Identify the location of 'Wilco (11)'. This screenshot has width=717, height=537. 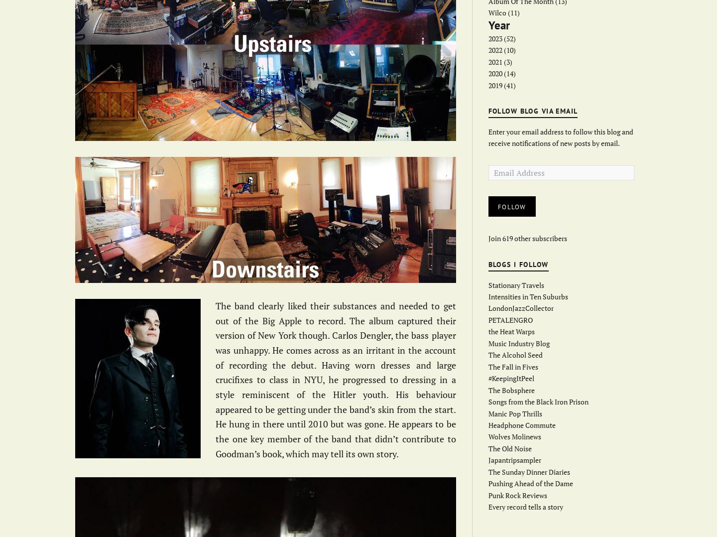
(503, 12).